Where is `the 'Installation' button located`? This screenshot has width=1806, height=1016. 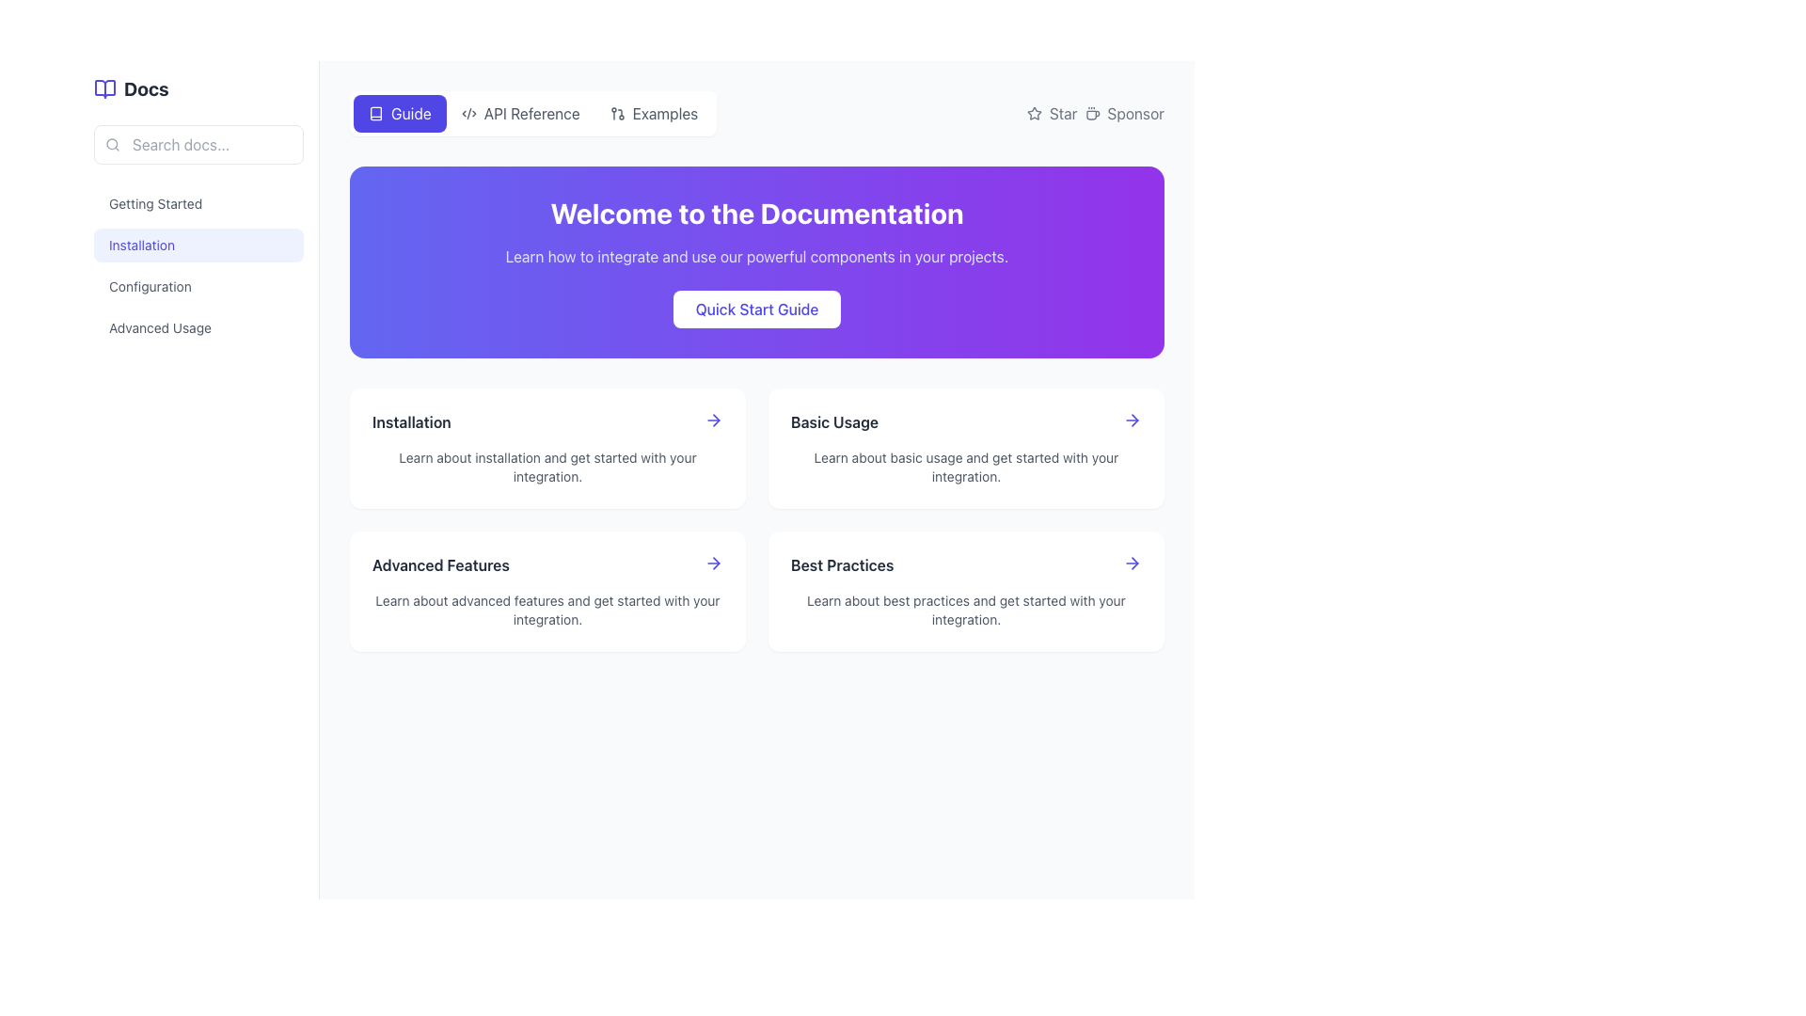 the 'Installation' button located is located at coordinates (198, 245).